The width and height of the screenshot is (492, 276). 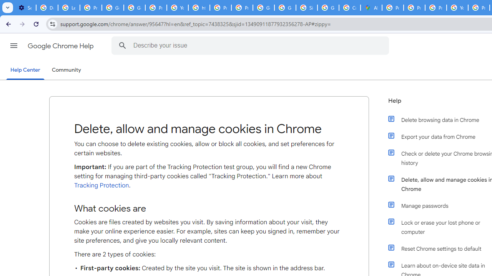 What do you see at coordinates (13, 46) in the screenshot?
I see `'Main menu'` at bounding box center [13, 46].